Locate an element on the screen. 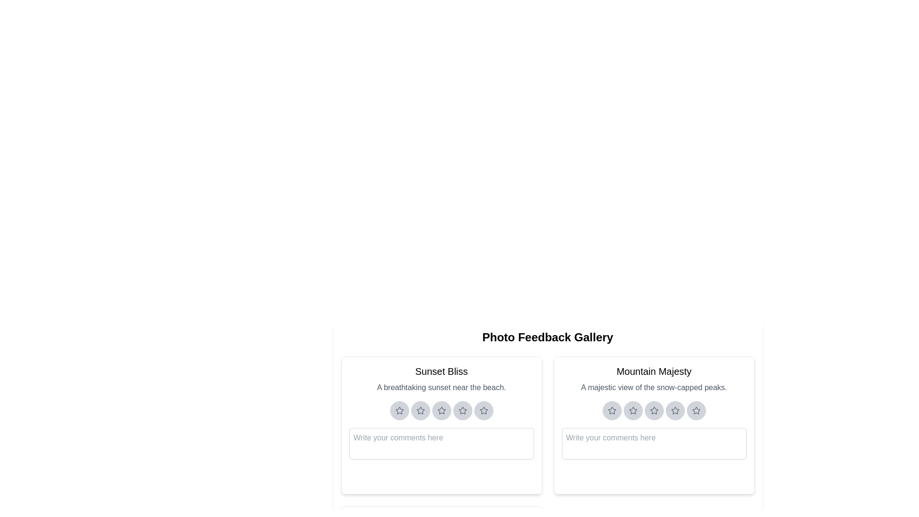 This screenshot has width=919, height=517. the third star rating button for 'Mountain Majesty' is located at coordinates (653, 410).